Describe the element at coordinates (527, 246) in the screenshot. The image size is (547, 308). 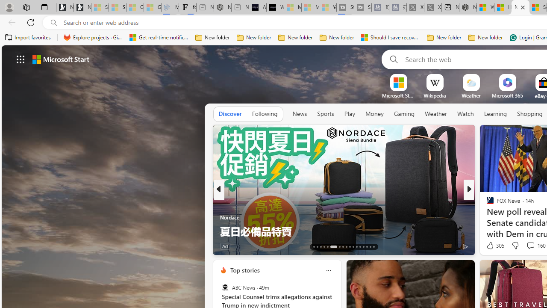
I see `'View comments 5 Comment'` at that location.